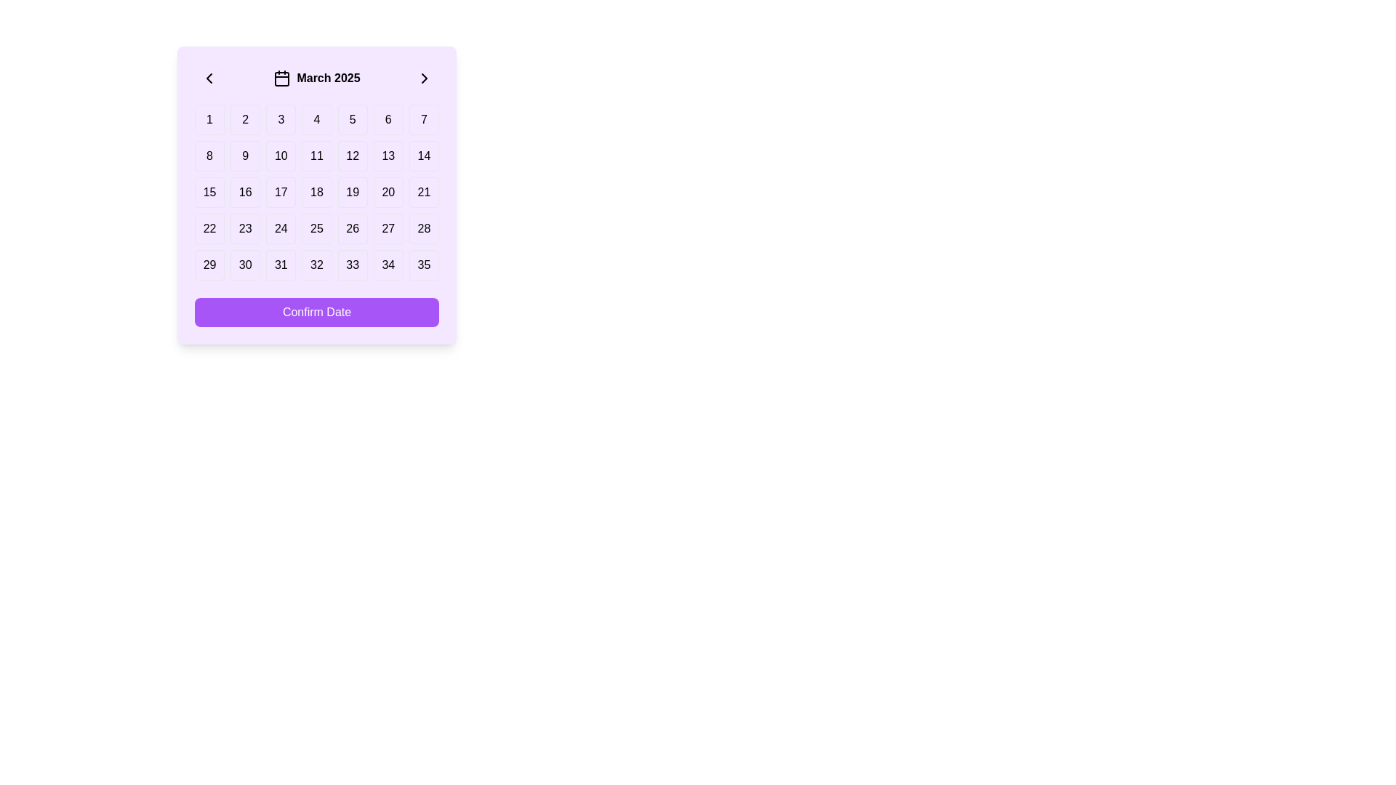 Image resolution: width=1396 pixels, height=785 pixels. Describe the element at coordinates (423, 119) in the screenshot. I see `the selectable date label representing the 7th day in the top row of the calendar interface` at that location.